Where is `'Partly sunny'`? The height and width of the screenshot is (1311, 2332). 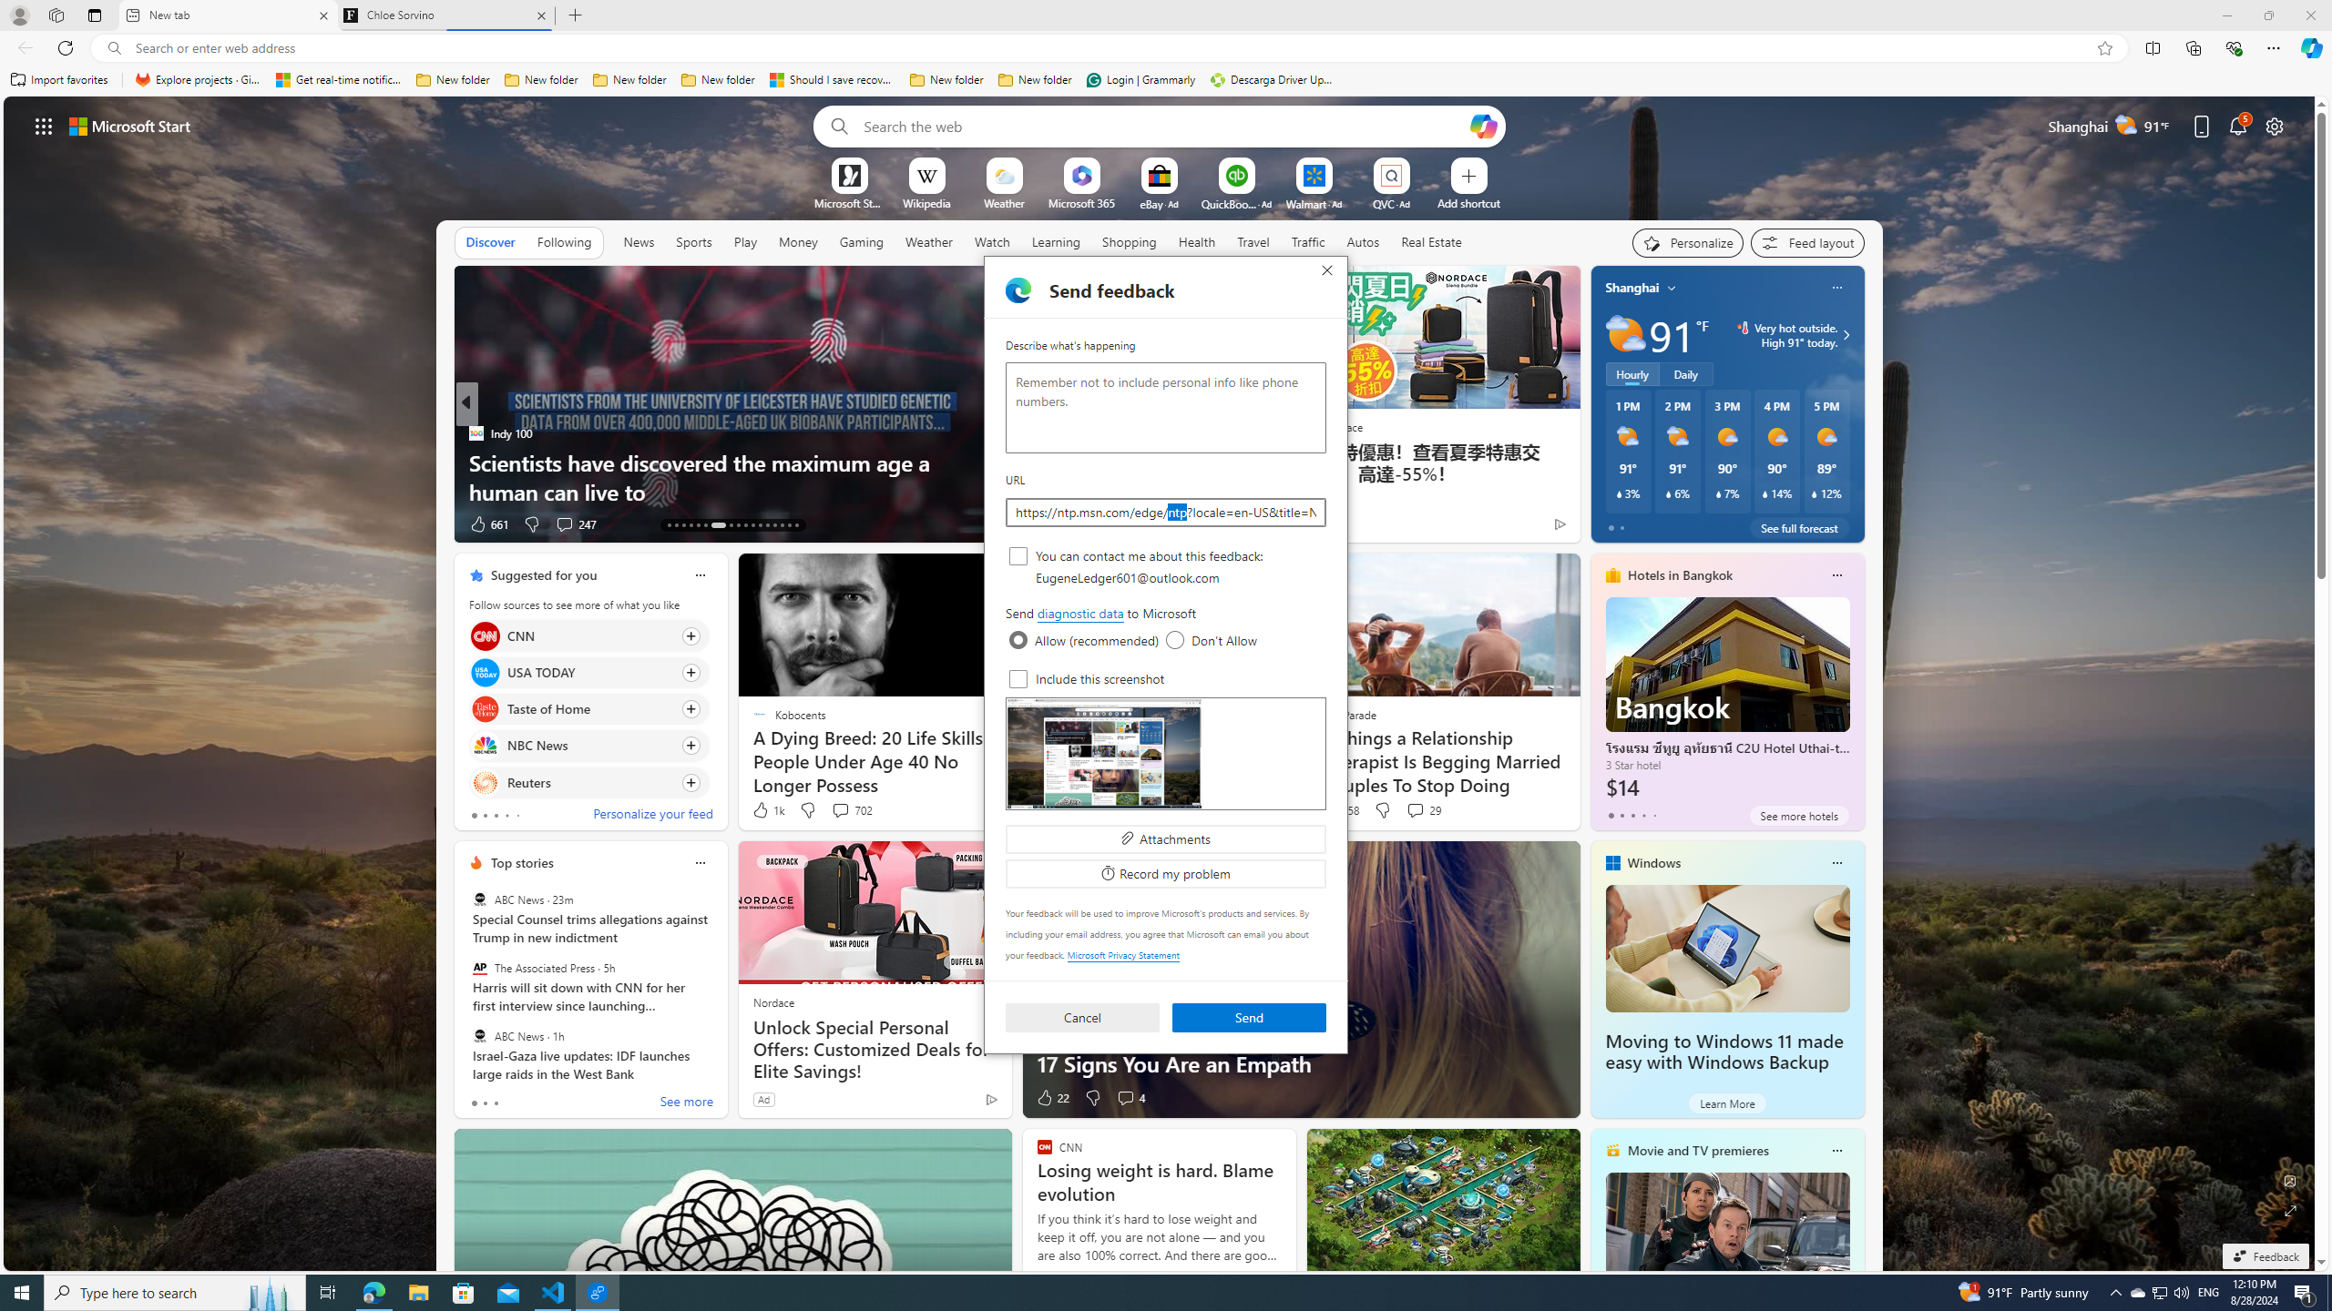
'Partly sunny' is located at coordinates (1625, 334).